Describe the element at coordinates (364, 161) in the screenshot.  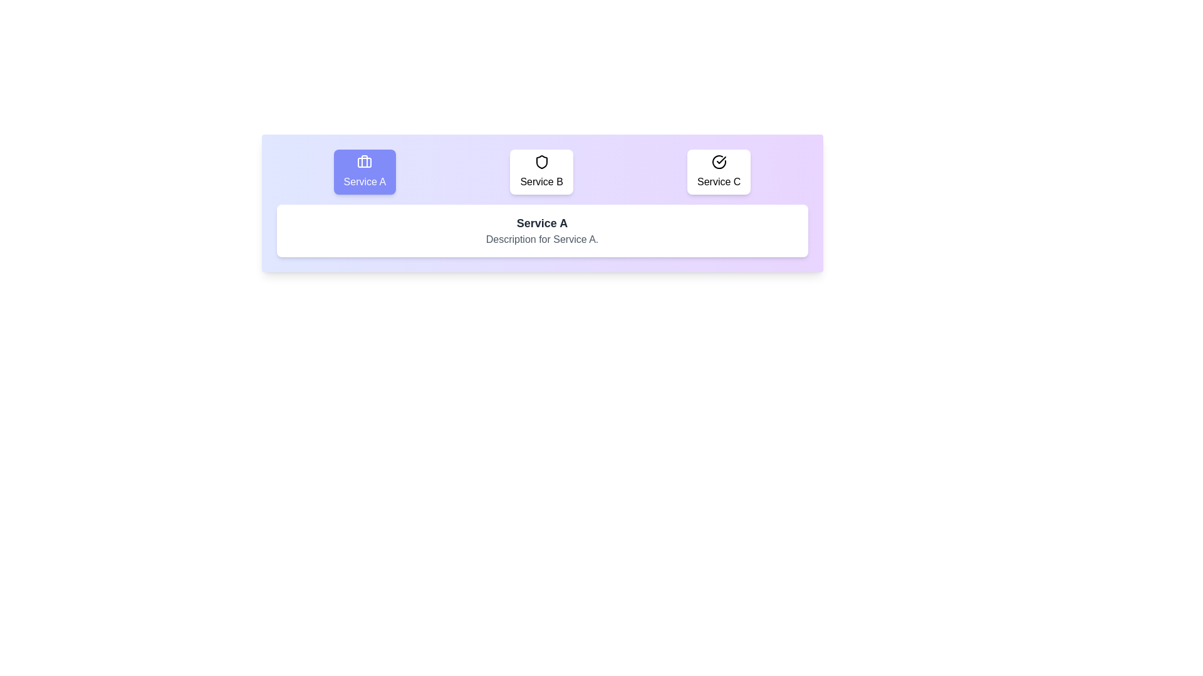
I see `the SVG rectangle that visually represents part of the briefcase icon, which is located at the center of the blue button labeled 'Service A'` at that location.